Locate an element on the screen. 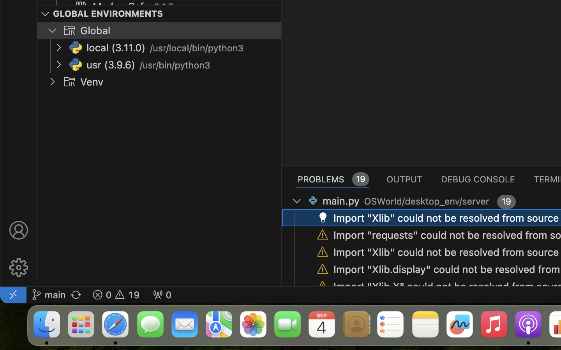 The height and width of the screenshot is (350, 561). 'main ' is located at coordinates (48, 294).